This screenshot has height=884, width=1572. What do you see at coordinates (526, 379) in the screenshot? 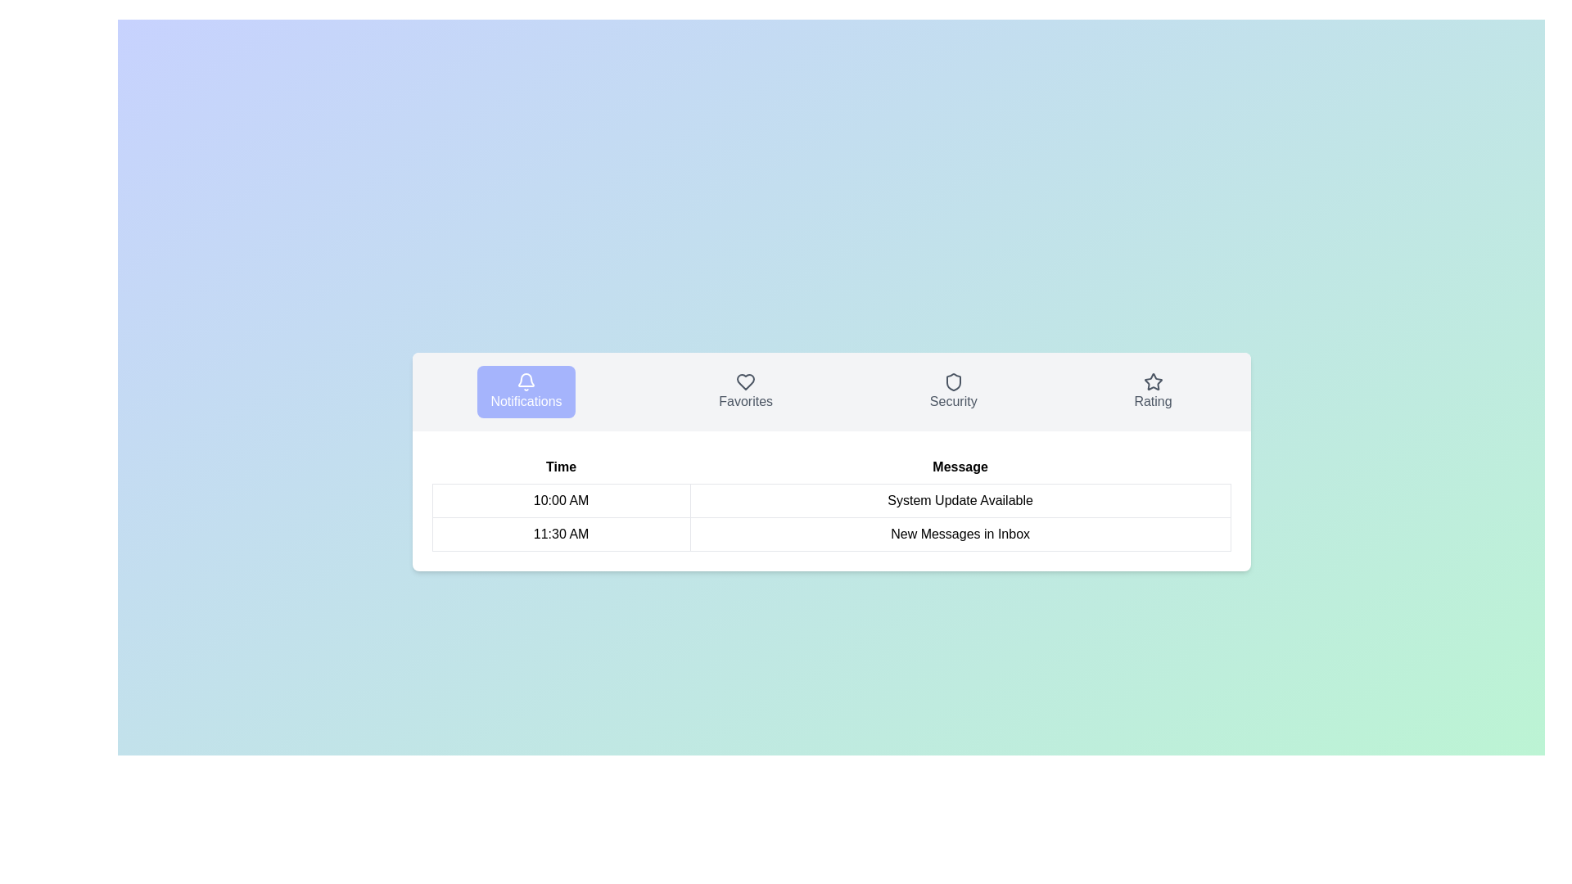
I see `interactions associated with the notification icon located in the 'Notifications' tab, which is the first icon from the left in the horizontal navigation menu` at bounding box center [526, 379].